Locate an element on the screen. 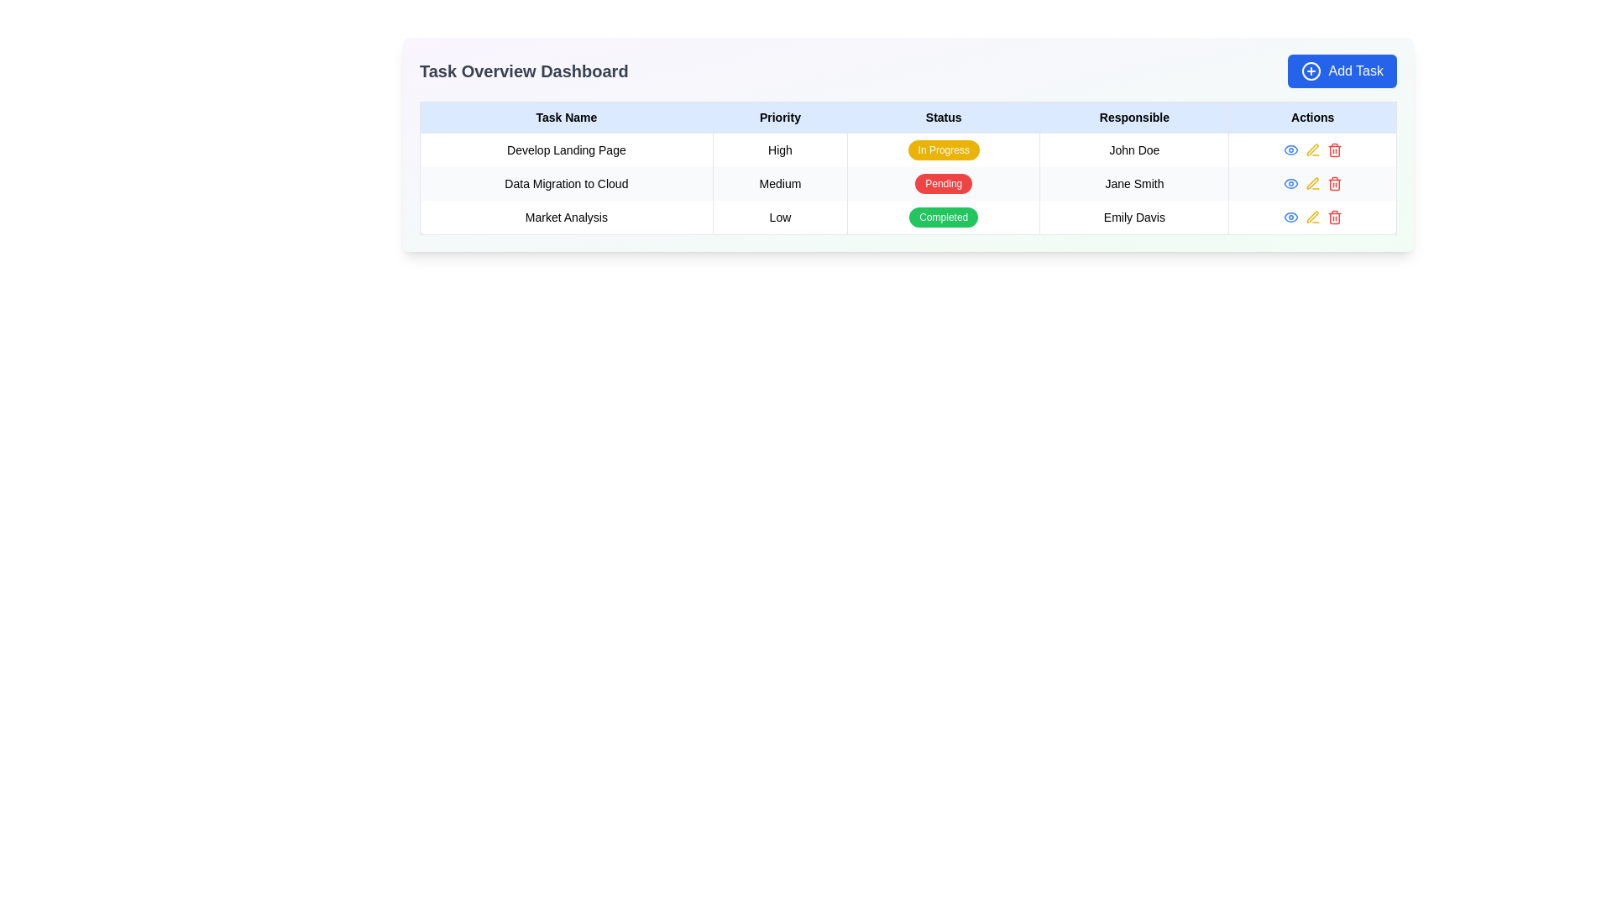  properties of the 'In Progress' label, which is a pill-shaped button with a yellow background located in the 'Status' column of the task table for 'Develop Landing Page' is located at coordinates (944, 149).